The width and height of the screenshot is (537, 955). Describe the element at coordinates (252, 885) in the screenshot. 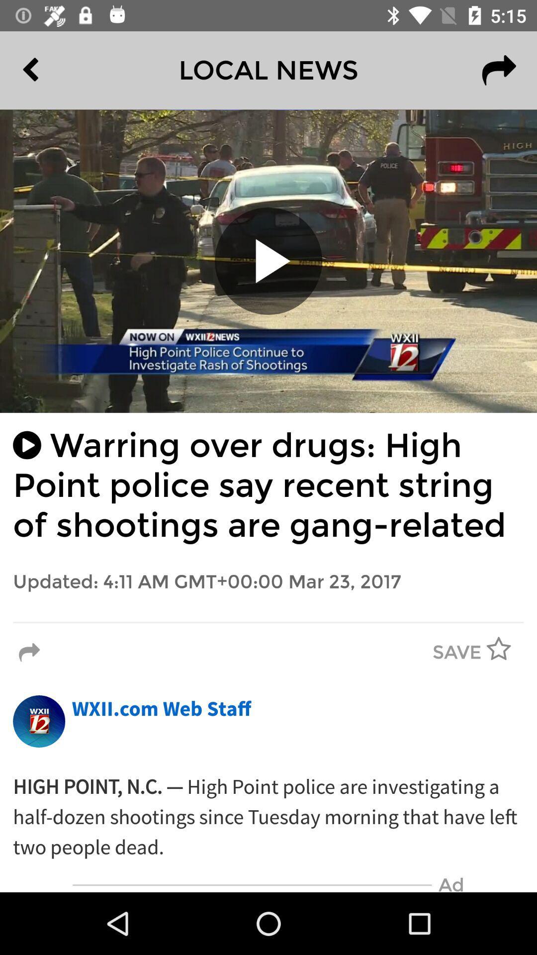

I see `the item to the left of the ad icon` at that location.